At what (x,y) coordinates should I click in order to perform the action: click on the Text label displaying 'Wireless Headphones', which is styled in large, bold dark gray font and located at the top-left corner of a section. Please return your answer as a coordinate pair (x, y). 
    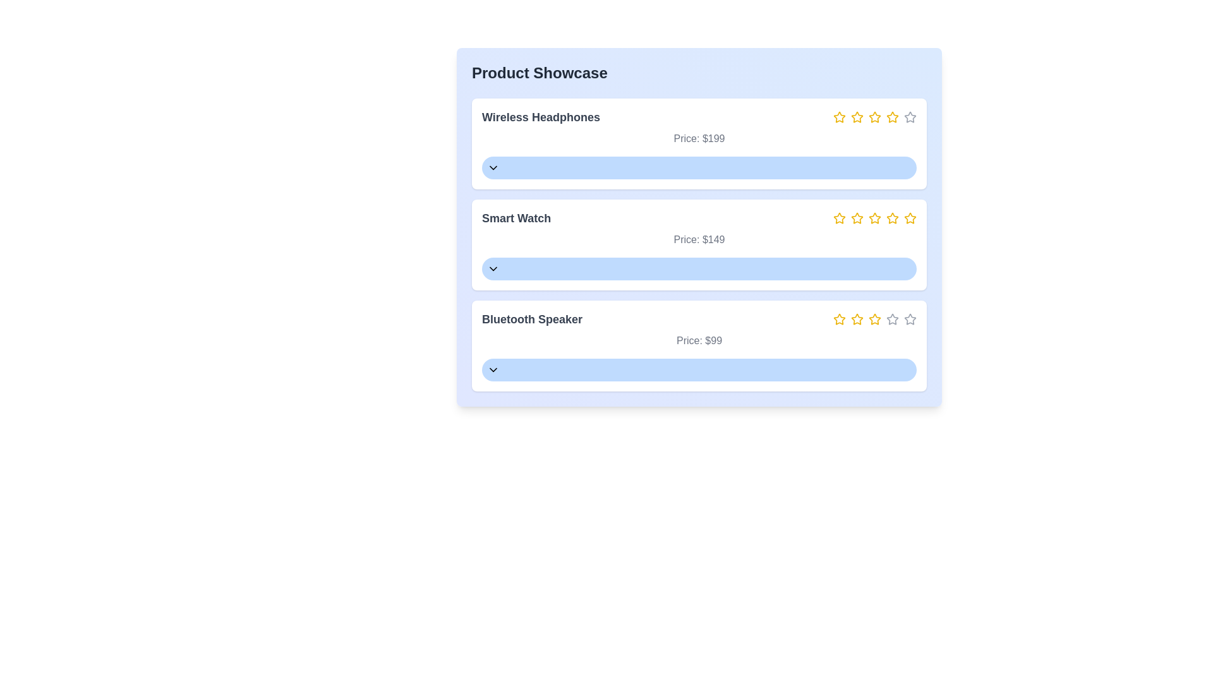
    Looking at the image, I should click on (541, 117).